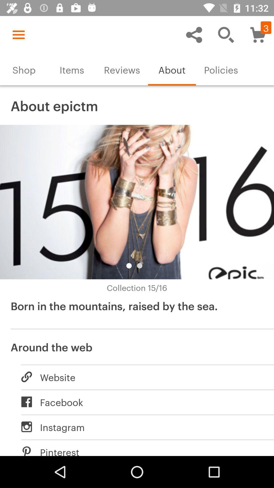  Describe the element at coordinates (137, 312) in the screenshot. I see `the born in the item` at that location.